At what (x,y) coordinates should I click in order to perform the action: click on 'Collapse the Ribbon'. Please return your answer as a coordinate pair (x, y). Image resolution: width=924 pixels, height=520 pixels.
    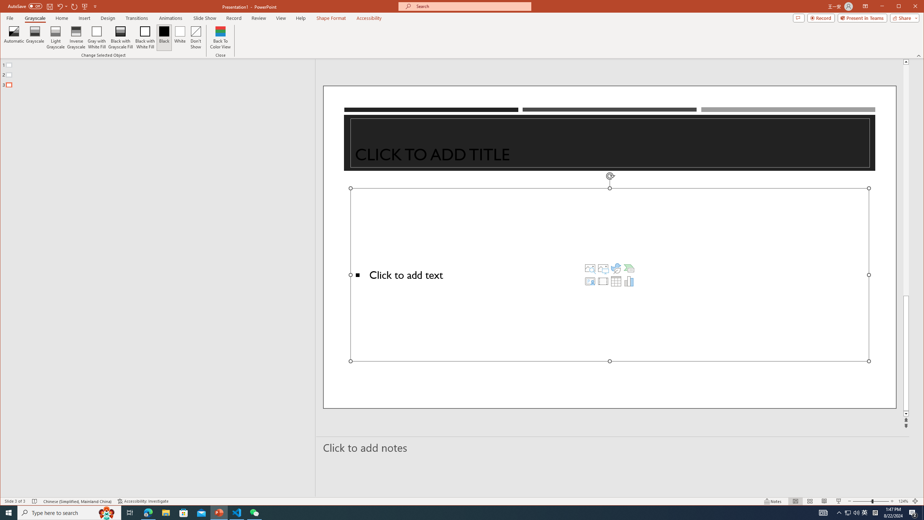
    Looking at the image, I should click on (919, 55).